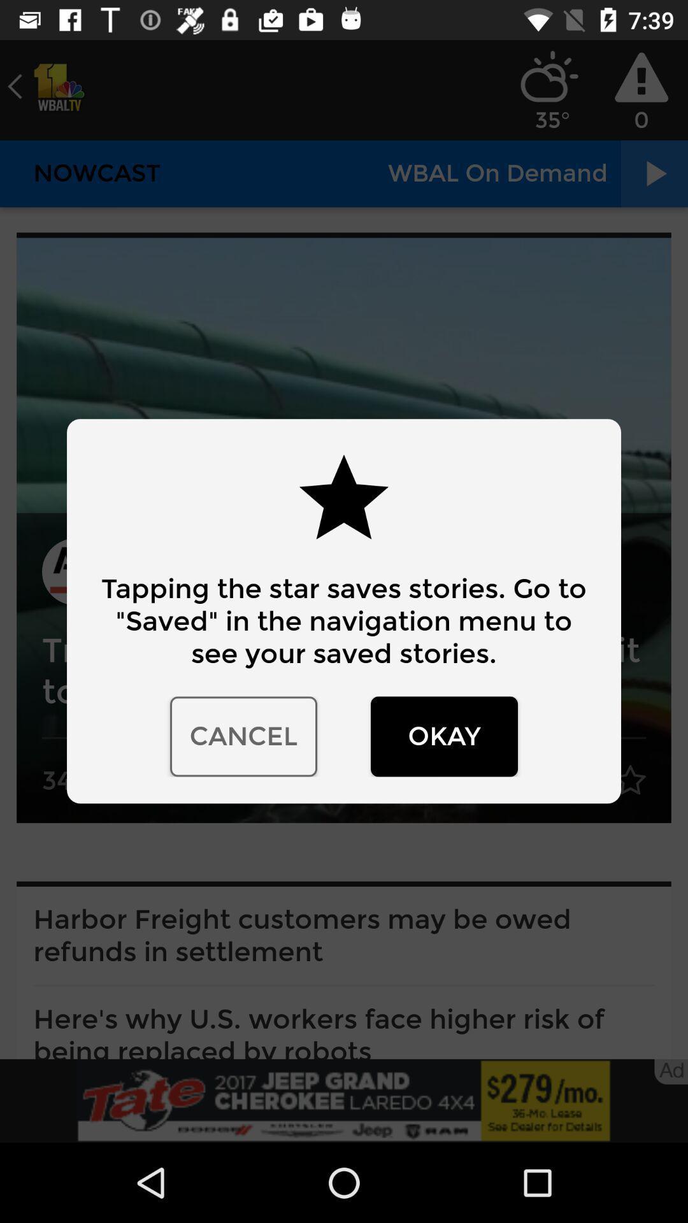  What do you see at coordinates (46, 86) in the screenshot?
I see `the label icon` at bounding box center [46, 86].